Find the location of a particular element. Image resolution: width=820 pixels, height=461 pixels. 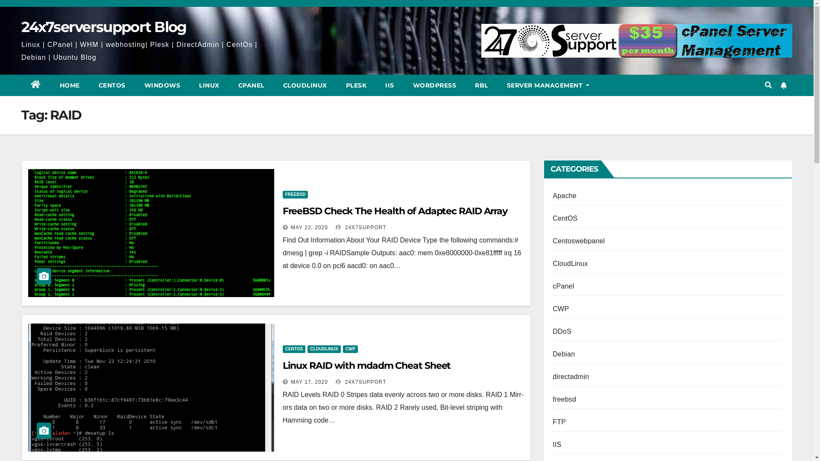

'24X7SUPPORT' is located at coordinates (360, 227).